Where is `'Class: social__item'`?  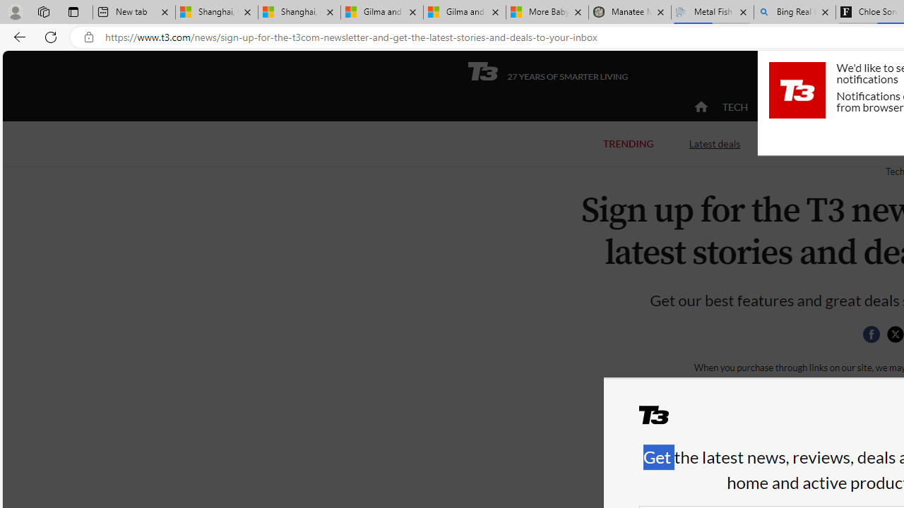 'Class: social__item' is located at coordinates (874, 337).